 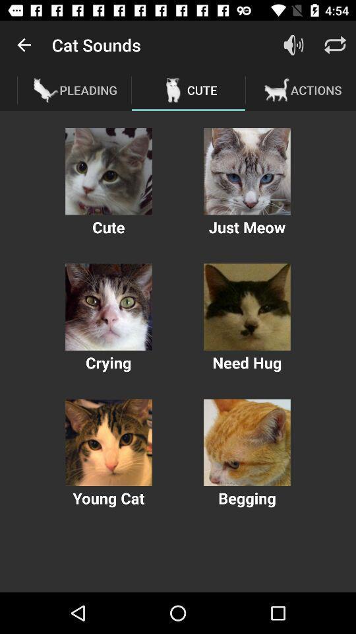 What do you see at coordinates (293, 45) in the screenshot?
I see `sound is on` at bounding box center [293, 45].